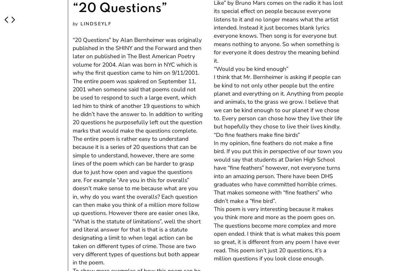 Image resolution: width=412 pixels, height=271 pixels. I want to click on '“Do fine feathers make fine birds”', so click(256, 134).